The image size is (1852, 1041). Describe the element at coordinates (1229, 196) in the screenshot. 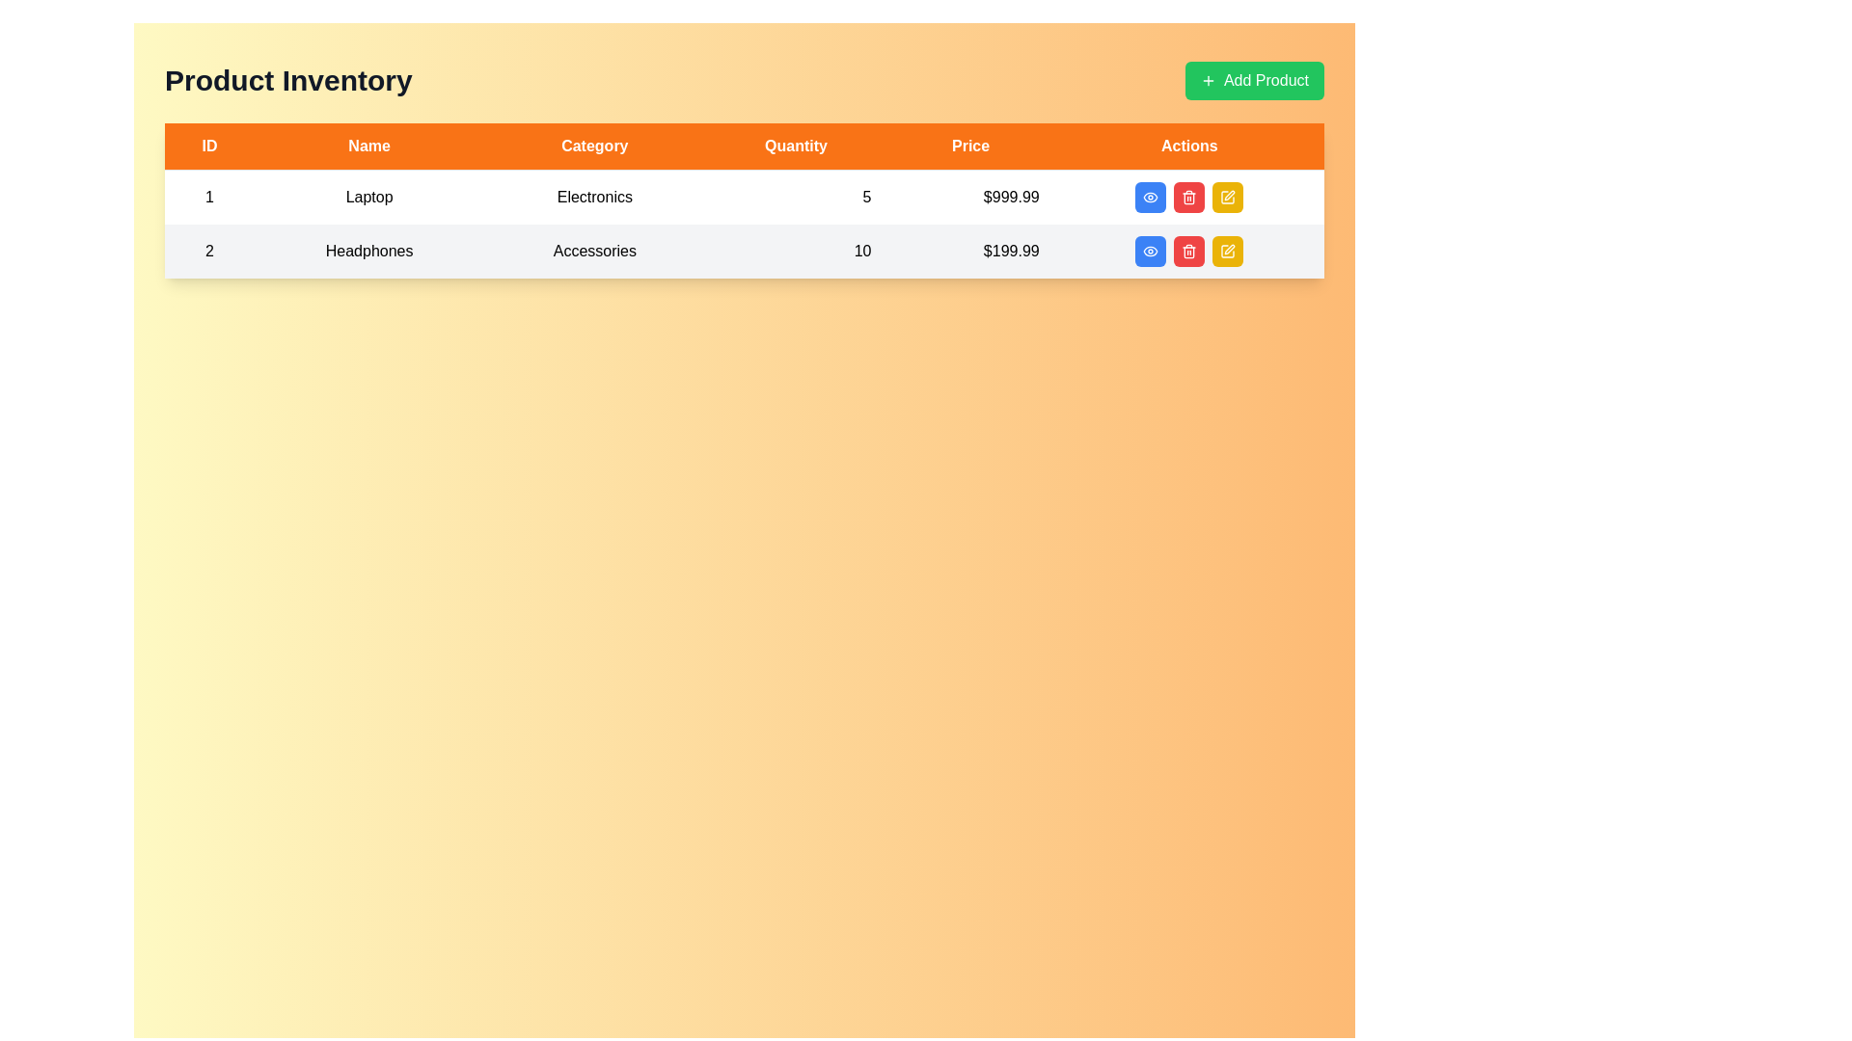

I see `the small yellow pencil icon in the actions column of the second row of the table` at that location.